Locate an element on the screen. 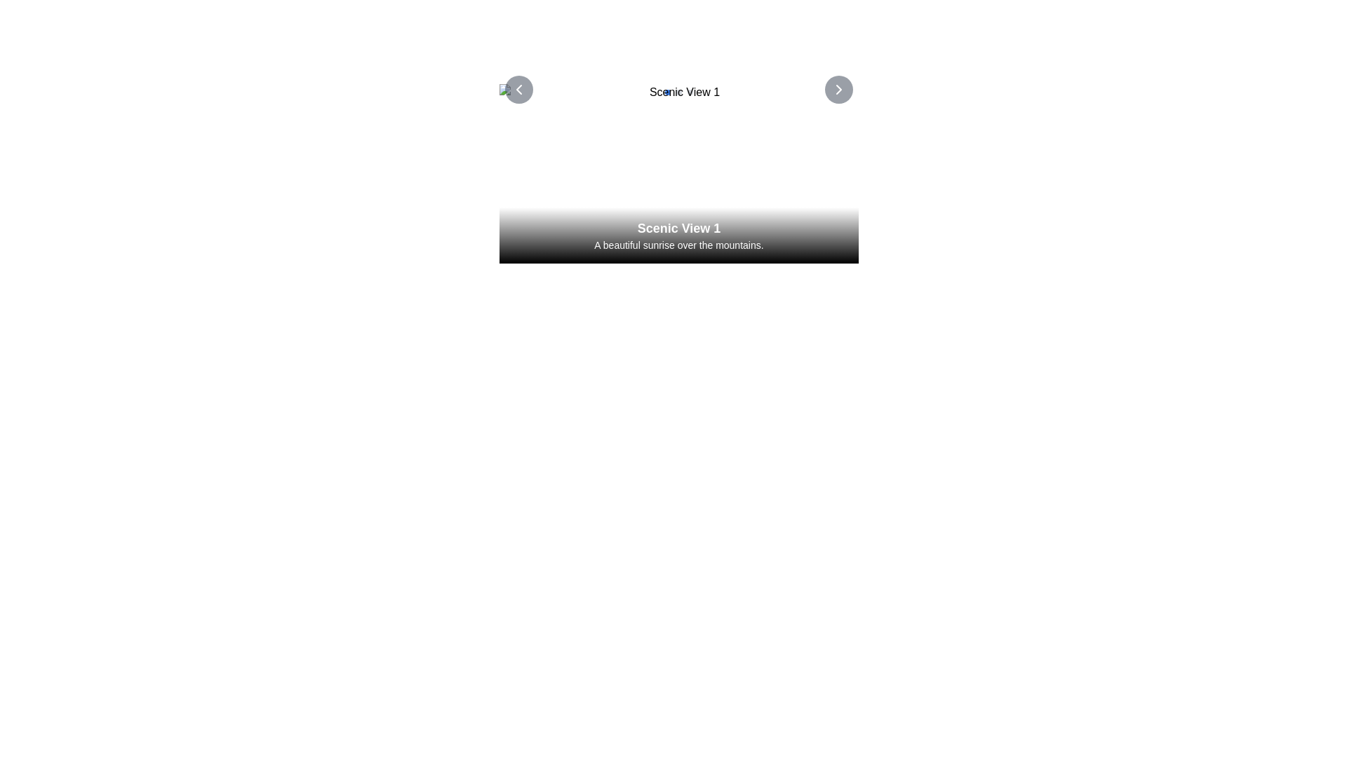 Image resolution: width=1347 pixels, height=757 pixels. the text element displaying 'A beautiful sunrise over the mountains.' which is styled in white on a gradient background and located below 'Scenic View 1' is located at coordinates (679, 245).